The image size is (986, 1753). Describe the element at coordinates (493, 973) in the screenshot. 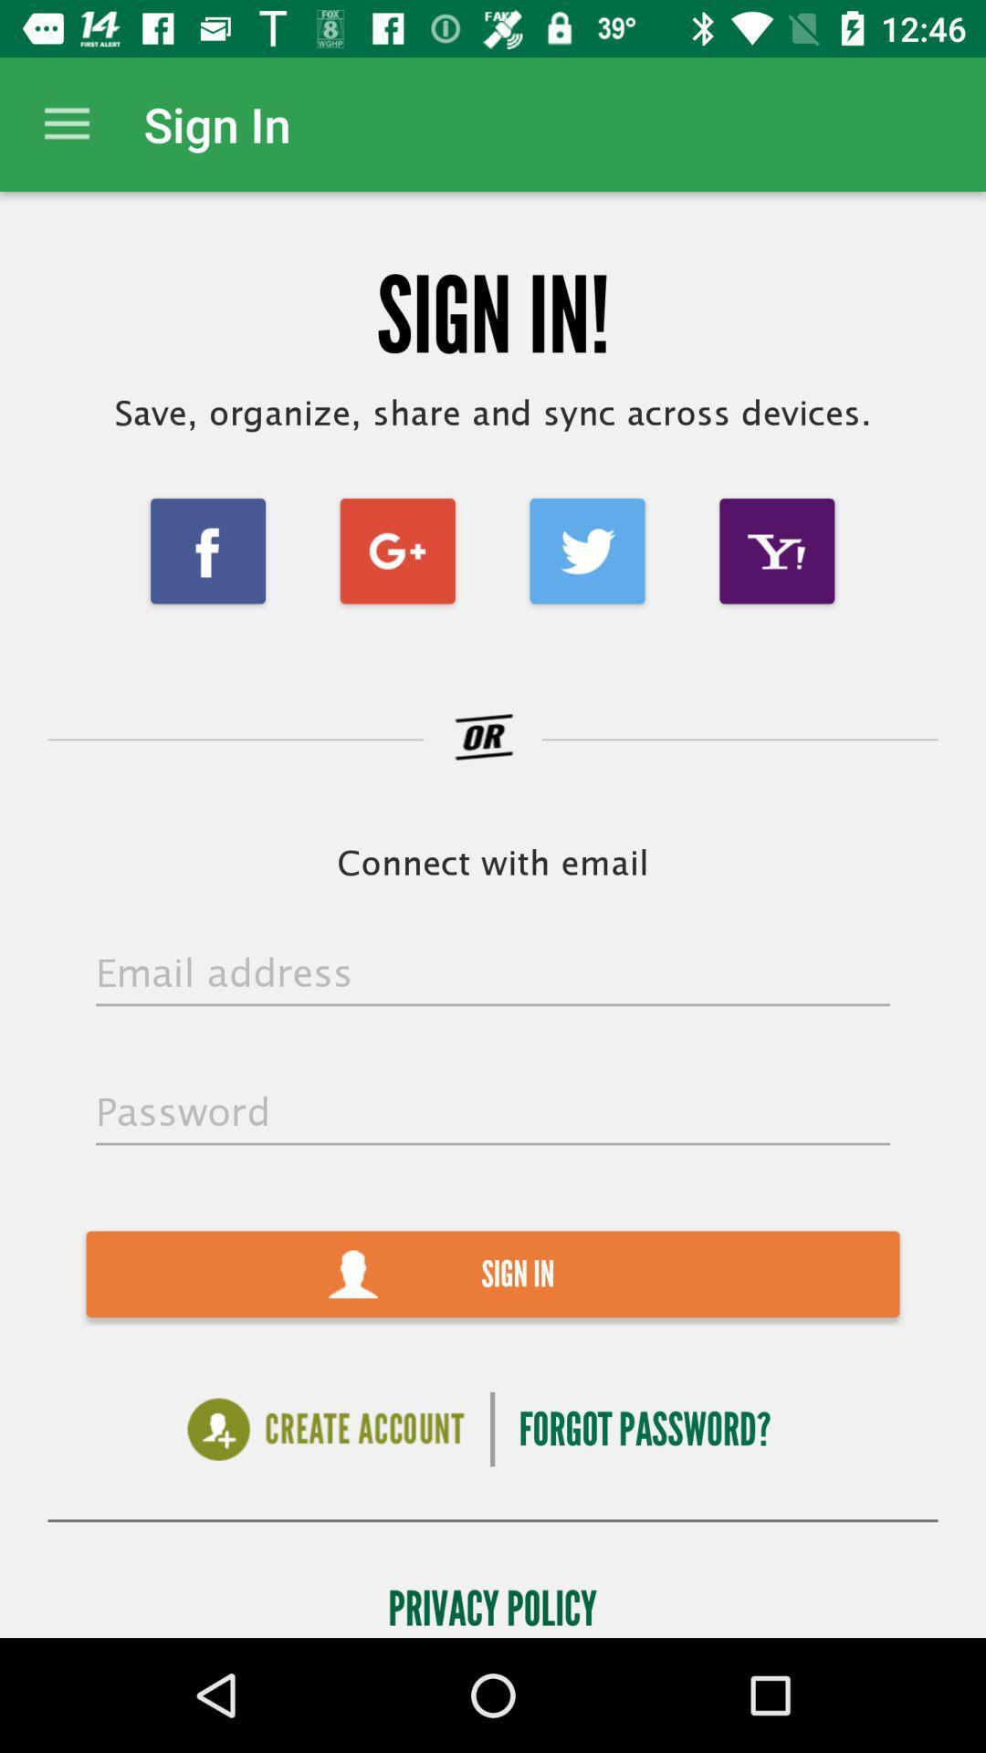

I see `the item below the connect with email item` at that location.